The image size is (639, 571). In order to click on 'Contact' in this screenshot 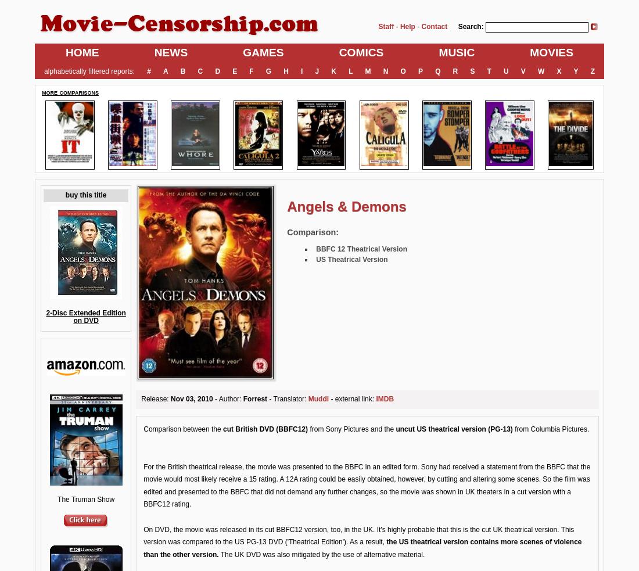, I will do `click(433, 26)`.